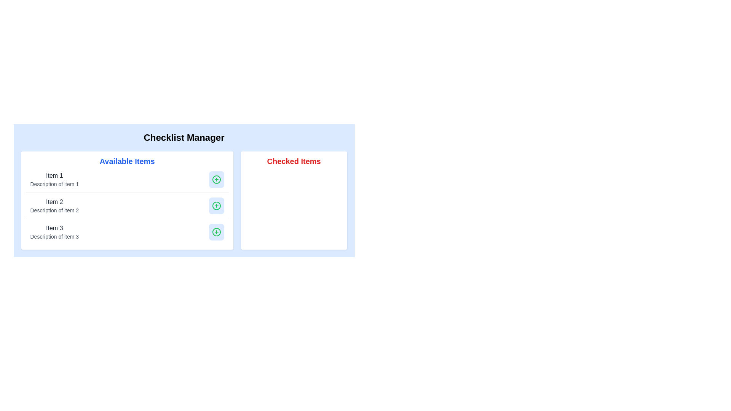 The height and width of the screenshot is (411, 731). Describe the element at coordinates (216, 205) in the screenshot. I see `the button with a plus icon located on the far right of the row labeled 'Item 2'` at that location.